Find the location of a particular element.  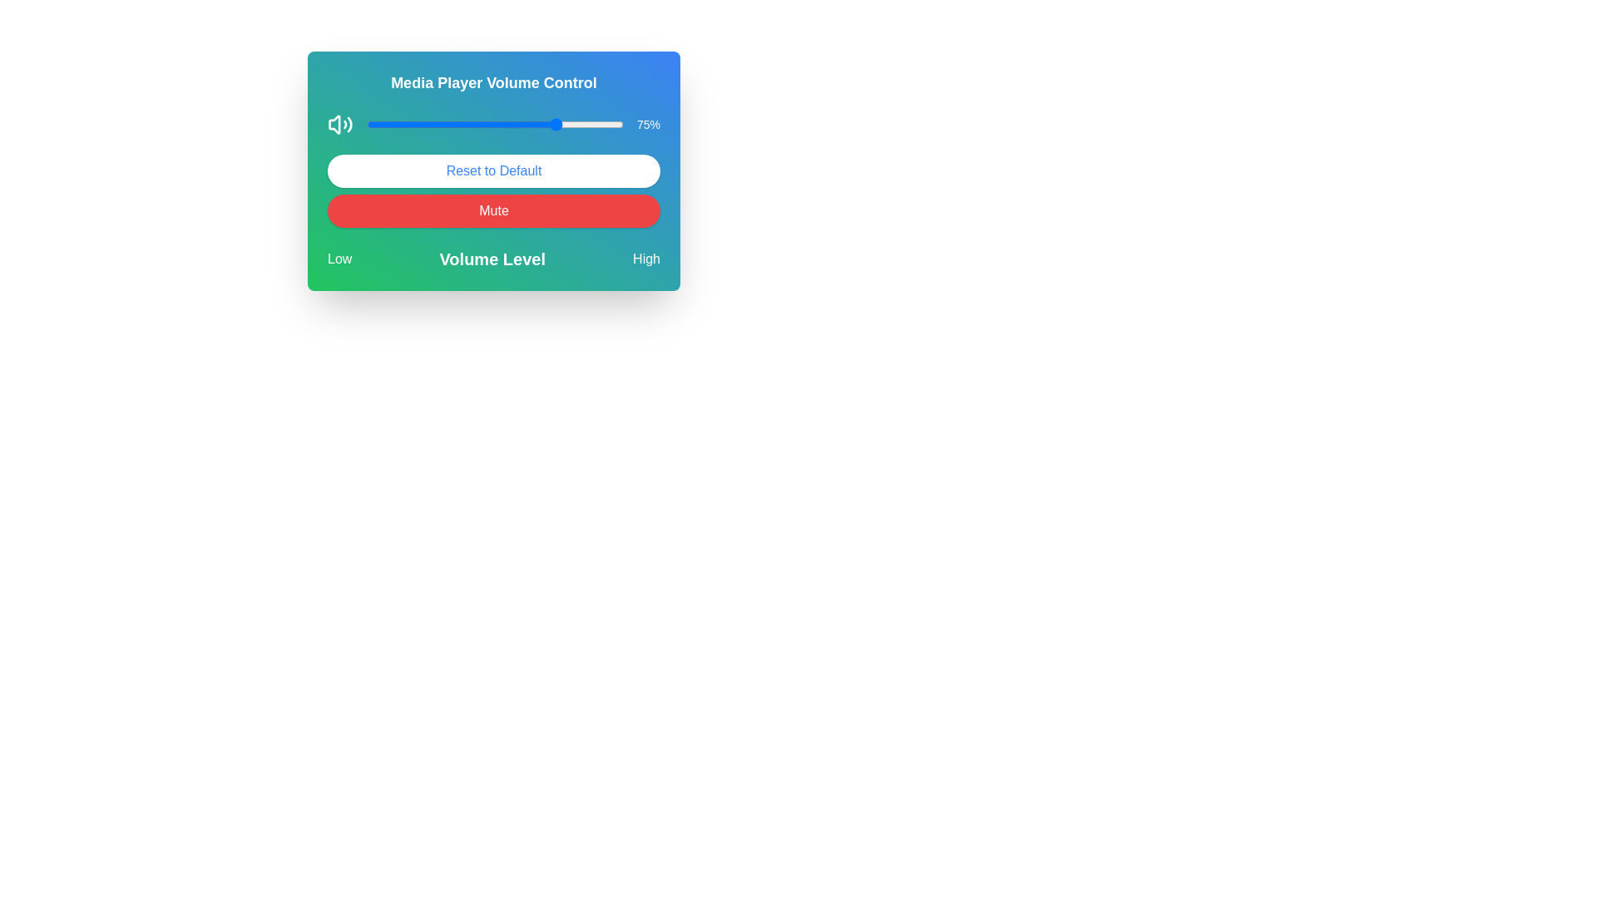

the volume is located at coordinates (446, 124).